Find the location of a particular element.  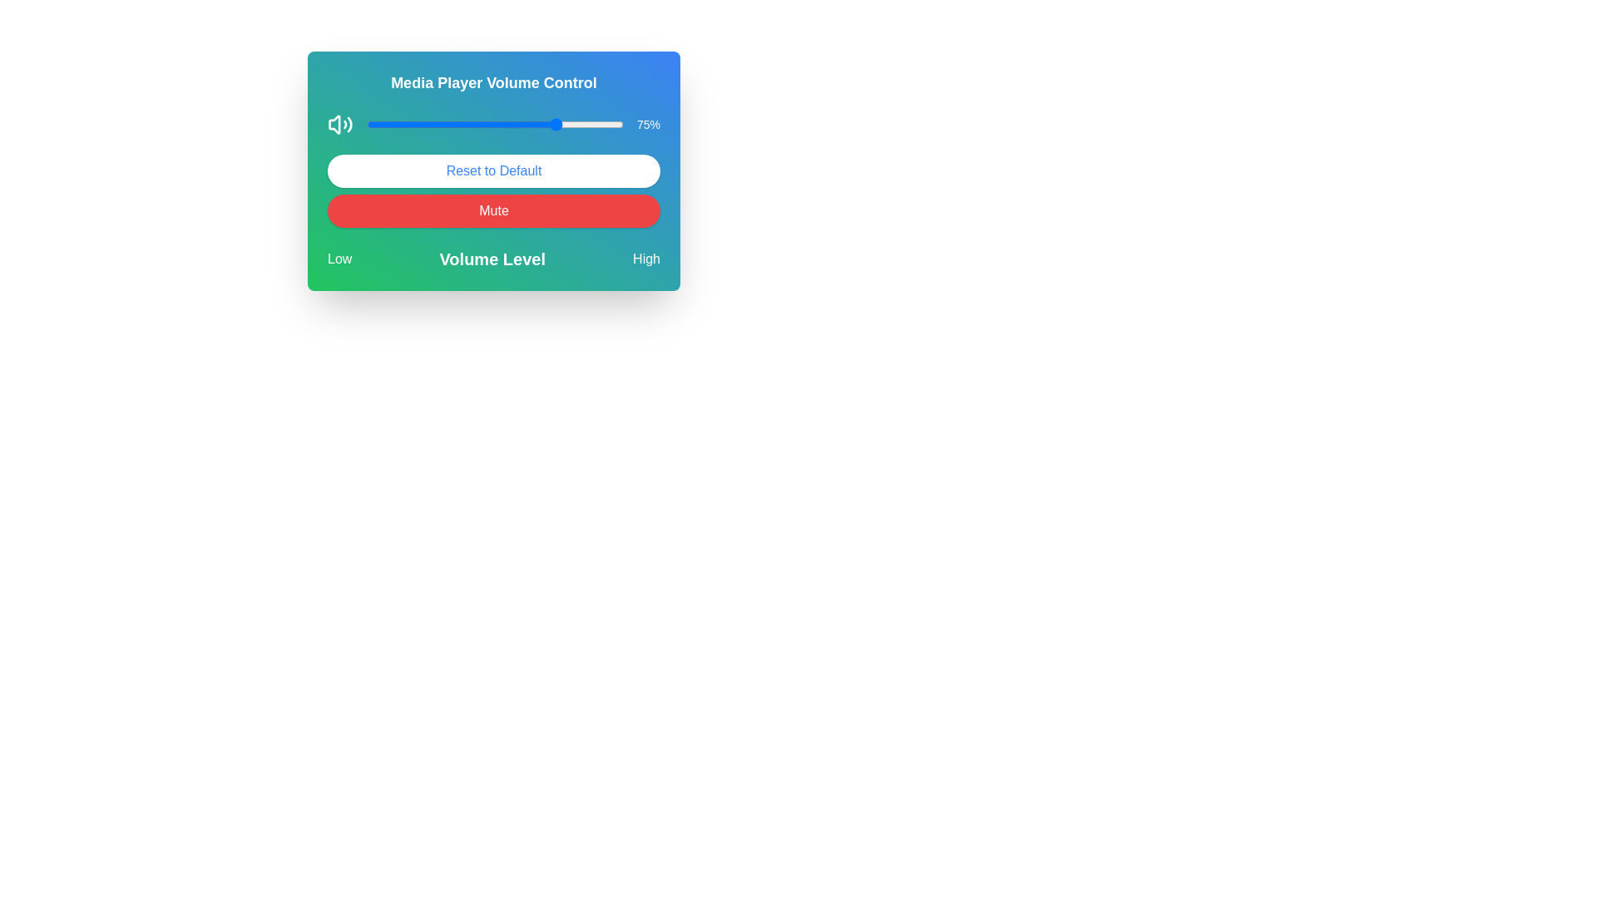

the volume is located at coordinates (446, 124).